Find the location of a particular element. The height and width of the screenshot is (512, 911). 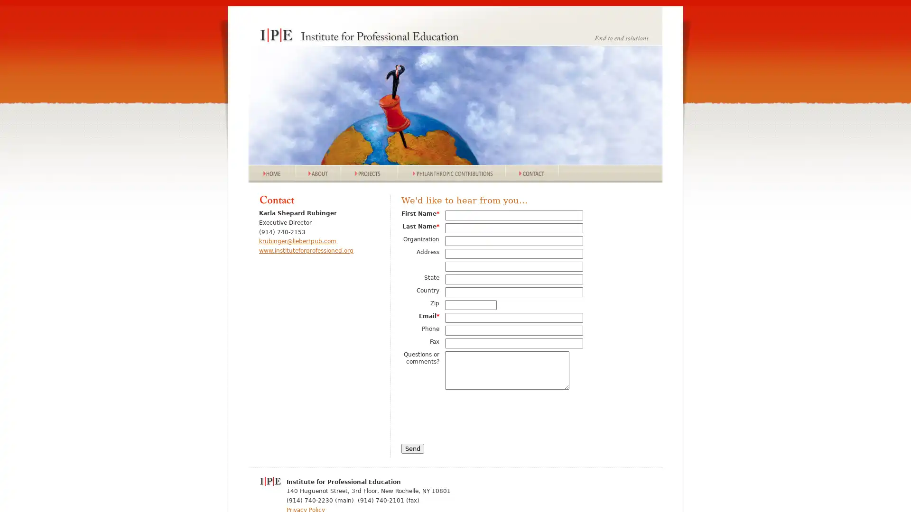

Send is located at coordinates (412, 448).